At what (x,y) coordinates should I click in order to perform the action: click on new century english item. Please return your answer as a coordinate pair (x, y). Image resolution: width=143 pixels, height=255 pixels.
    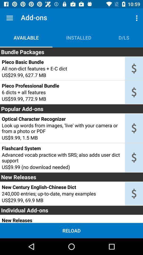
    Looking at the image, I should click on (62, 187).